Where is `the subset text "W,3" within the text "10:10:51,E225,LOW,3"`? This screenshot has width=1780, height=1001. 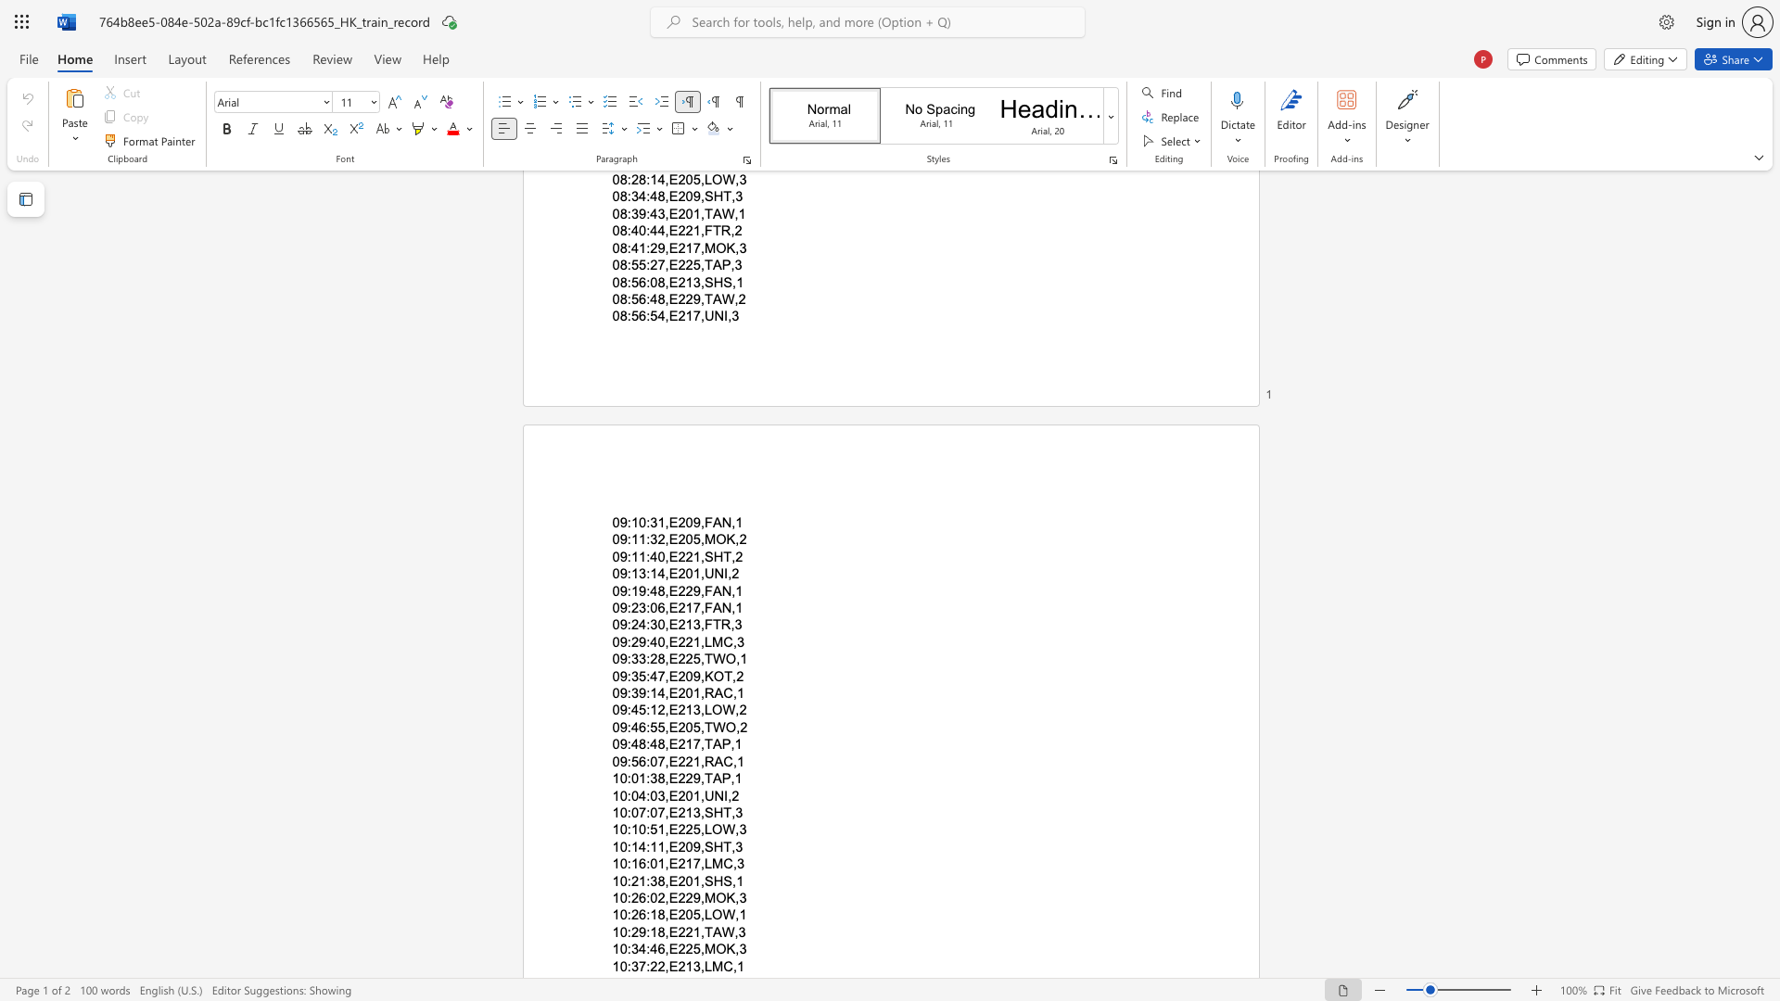 the subset text "W,3" within the text "10:10:51,E225,LOW,3" is located at coordinates (721, 829).